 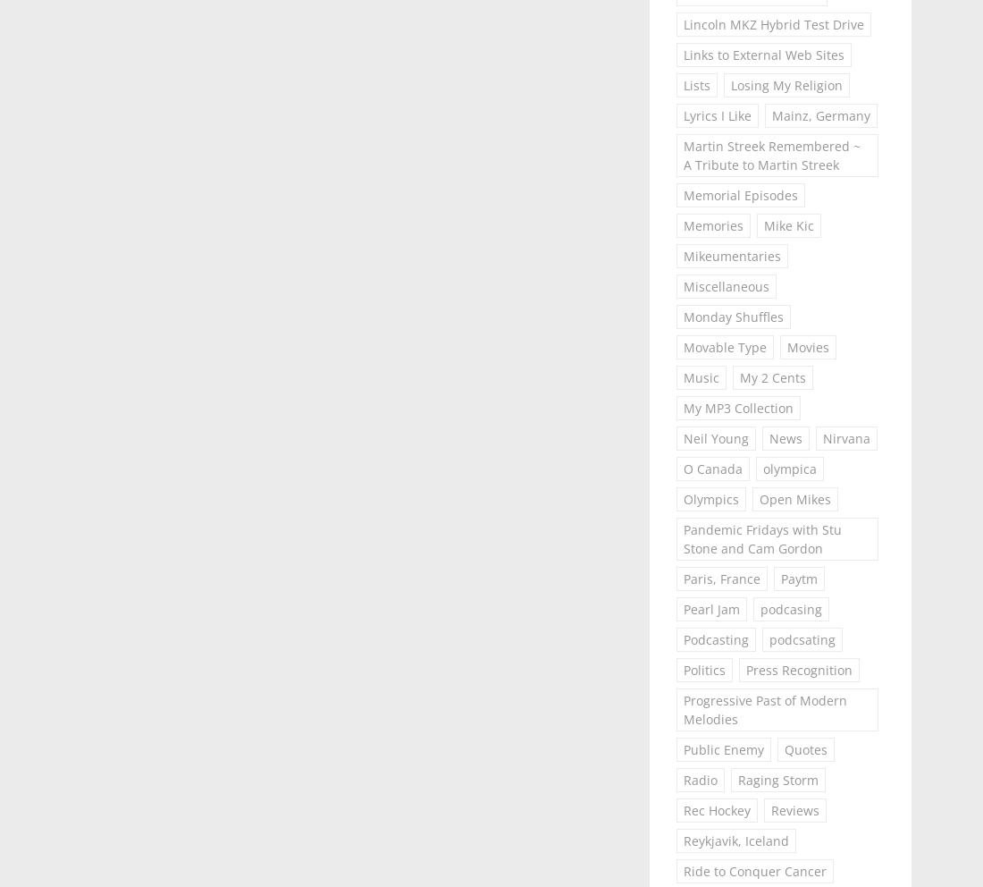 What do you see at coordinates (797, 579) in the screenshot?
I see `'Paytm'` at bounding box center [797, 579].